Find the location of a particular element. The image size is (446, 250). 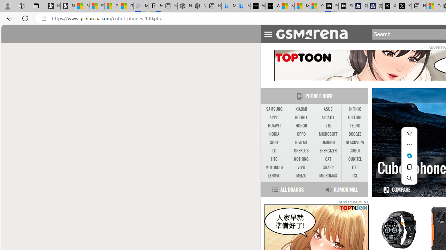

'ENERGIZER' is located at coordinates (328, 150).